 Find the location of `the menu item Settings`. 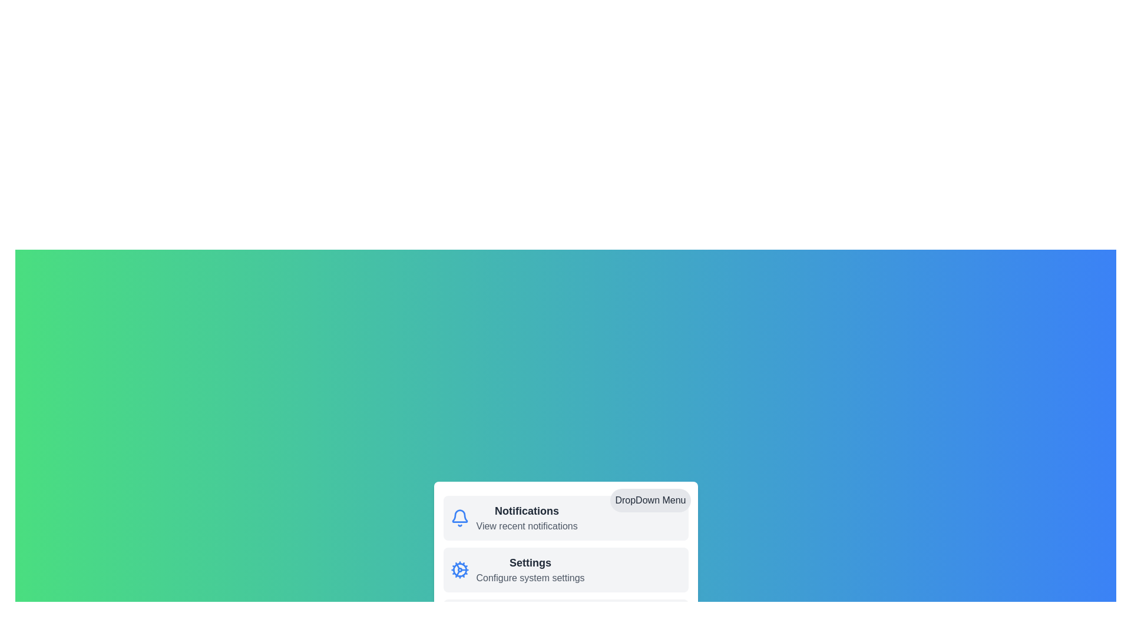

the menu item Settings is located at coordinates (459, 569).